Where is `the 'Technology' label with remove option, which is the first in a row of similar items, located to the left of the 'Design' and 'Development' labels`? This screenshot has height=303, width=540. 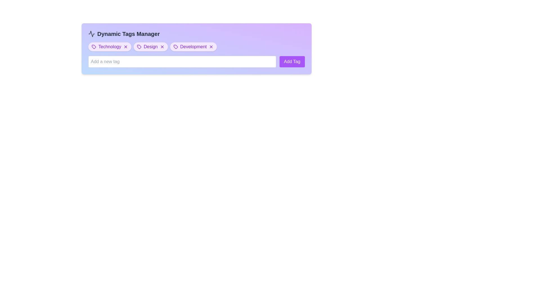
the 'Technology' label with remove option, which is the first in a row of similar items, located to the left of the 'Design' and 'Development' labels is located at coordinates (110, 46).